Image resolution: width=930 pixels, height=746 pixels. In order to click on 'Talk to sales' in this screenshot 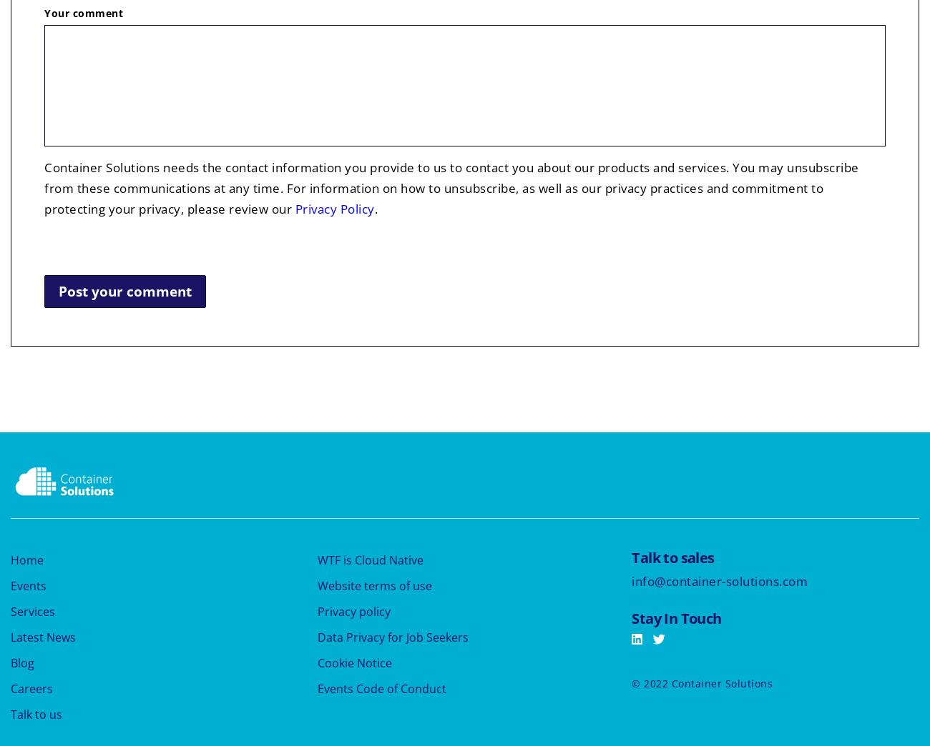, I will do `click(672, 557)`.